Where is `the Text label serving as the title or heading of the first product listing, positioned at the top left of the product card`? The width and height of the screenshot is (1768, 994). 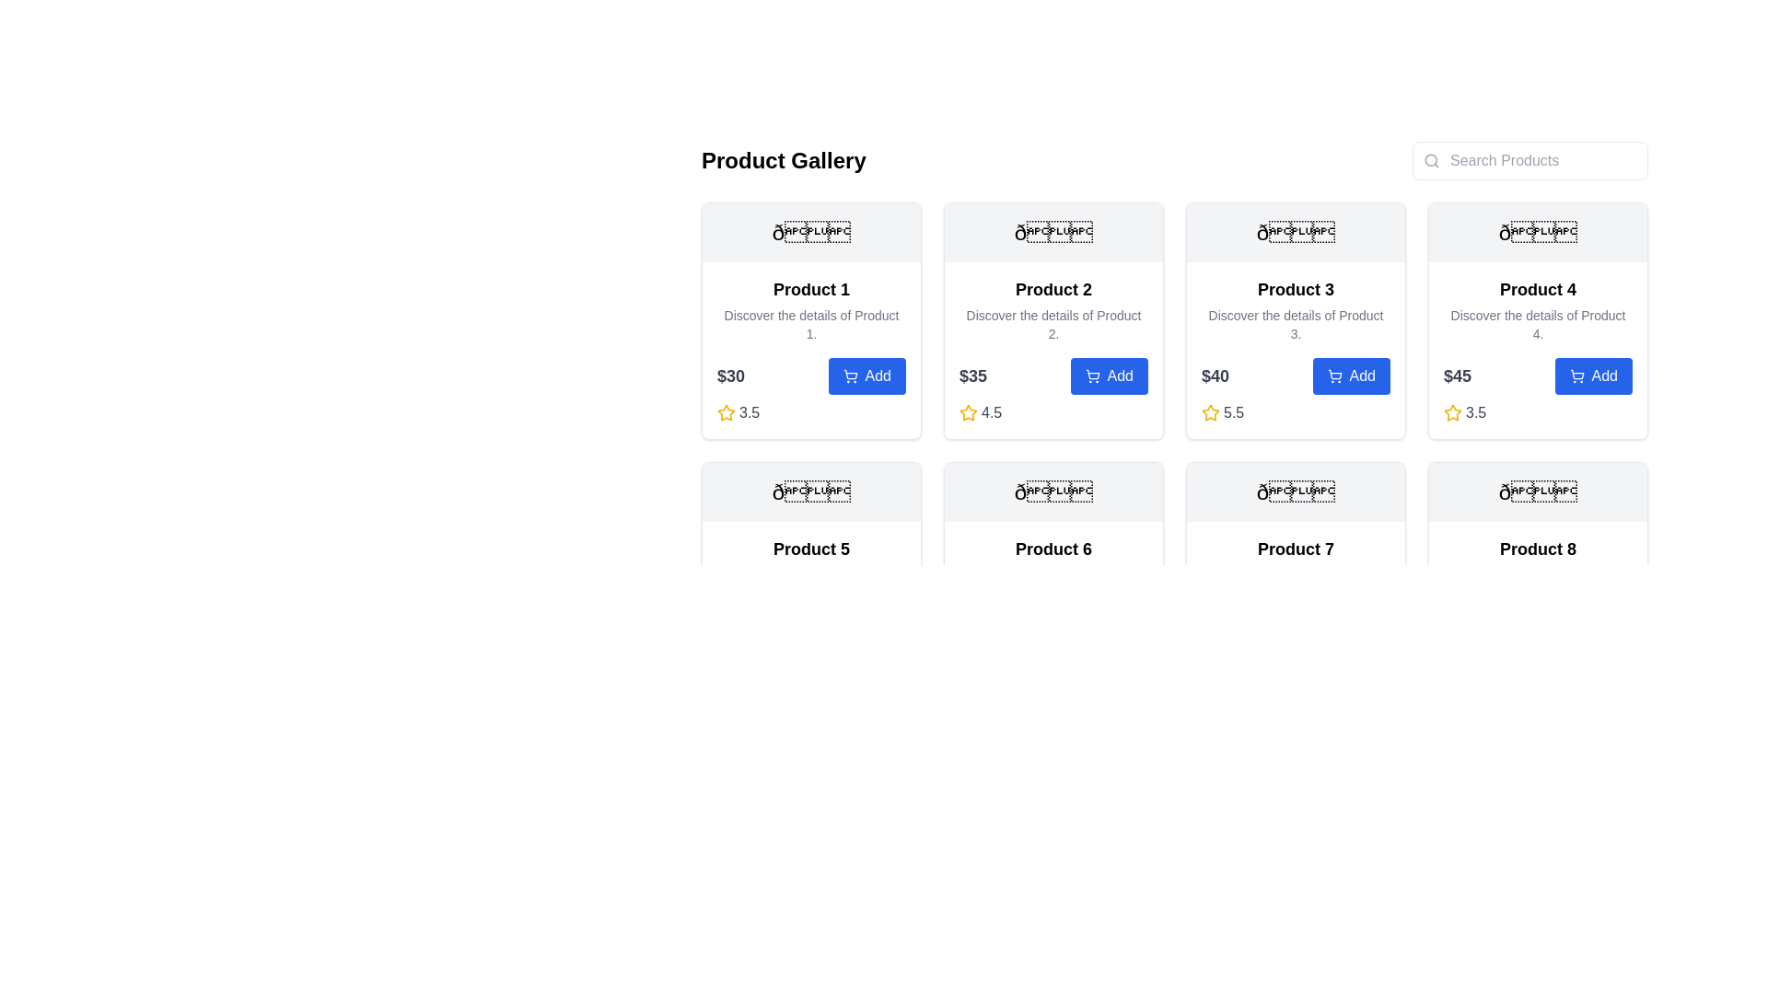
the Text label serving as the title or heading of the first product listing, positioned at the top left of the product card is located at coordinates (810, 290).